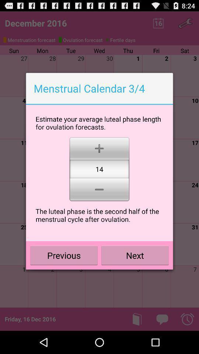 The height and width of the screenshot is (354, 199). Describe the element at coordinates (135, 255) in the screenshot. I see `the button to the right of the previous button` at that location.